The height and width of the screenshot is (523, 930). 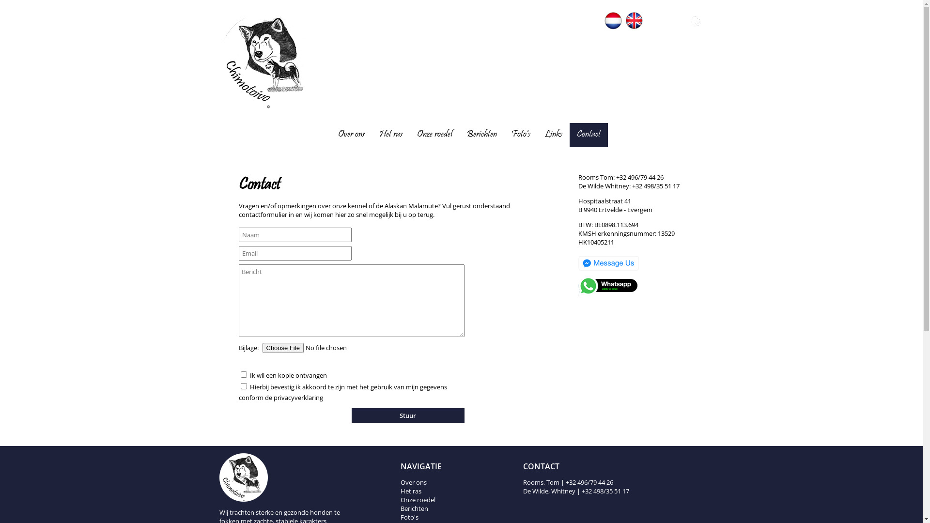 What do you see at coordinates (608, 293) in the screenshot?
I see `'Chat met ons'` at bounding box center [608, 293].